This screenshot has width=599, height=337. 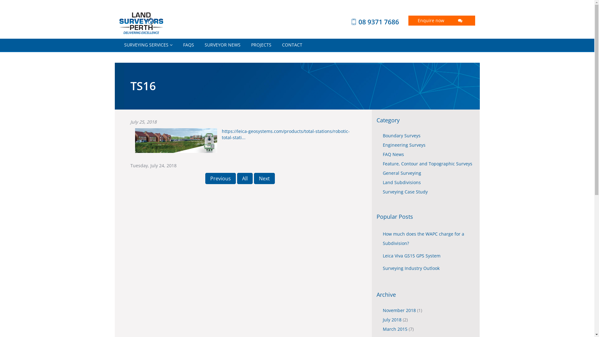 I want to click on 'Next', so click(x=264, y=178).